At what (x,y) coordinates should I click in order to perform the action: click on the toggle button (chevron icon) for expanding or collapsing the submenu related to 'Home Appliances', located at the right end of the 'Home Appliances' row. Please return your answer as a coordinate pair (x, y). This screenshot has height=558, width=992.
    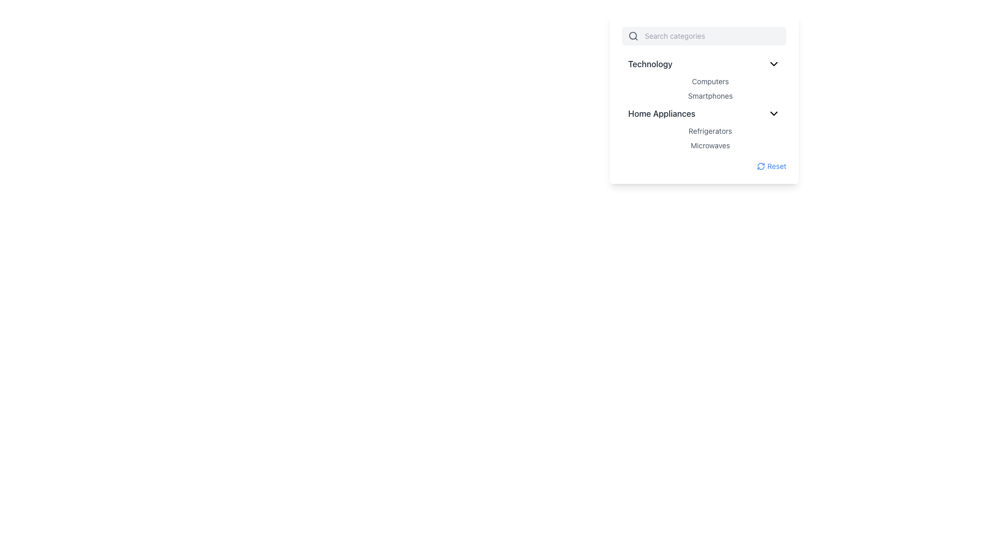
    Looking at the image, I should click on (773, 113).